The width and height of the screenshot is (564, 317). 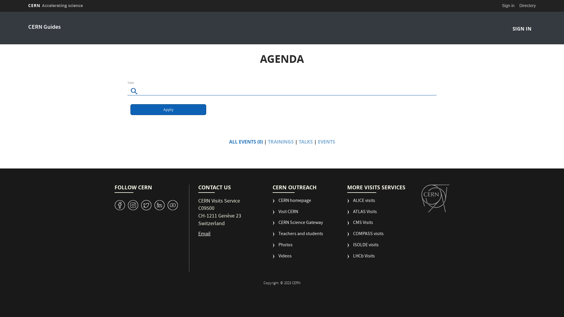 I want to click on 'v', so click(x=120, y=205).